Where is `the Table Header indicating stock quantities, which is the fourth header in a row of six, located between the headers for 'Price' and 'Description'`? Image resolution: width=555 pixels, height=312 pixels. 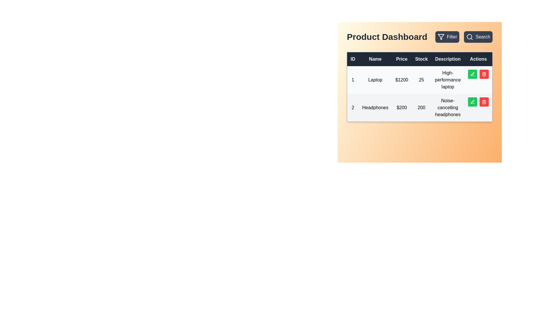
the Table Header indicating stock quantities, which is the fourth header in a row of six, located between the headers for 'Price' and 'Description' is located at coordinates (419, 59).